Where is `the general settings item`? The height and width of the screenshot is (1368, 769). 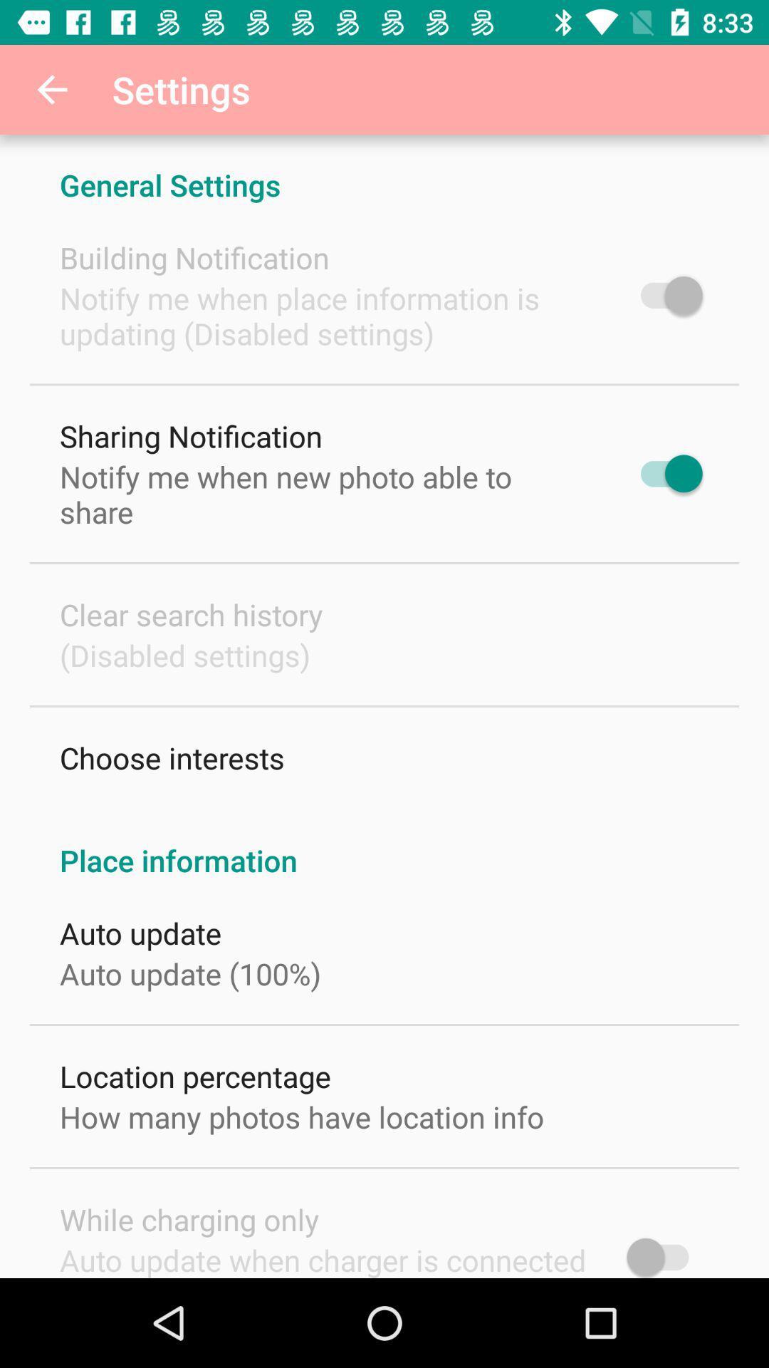 the general settings item is located at coordinates (384, 170).